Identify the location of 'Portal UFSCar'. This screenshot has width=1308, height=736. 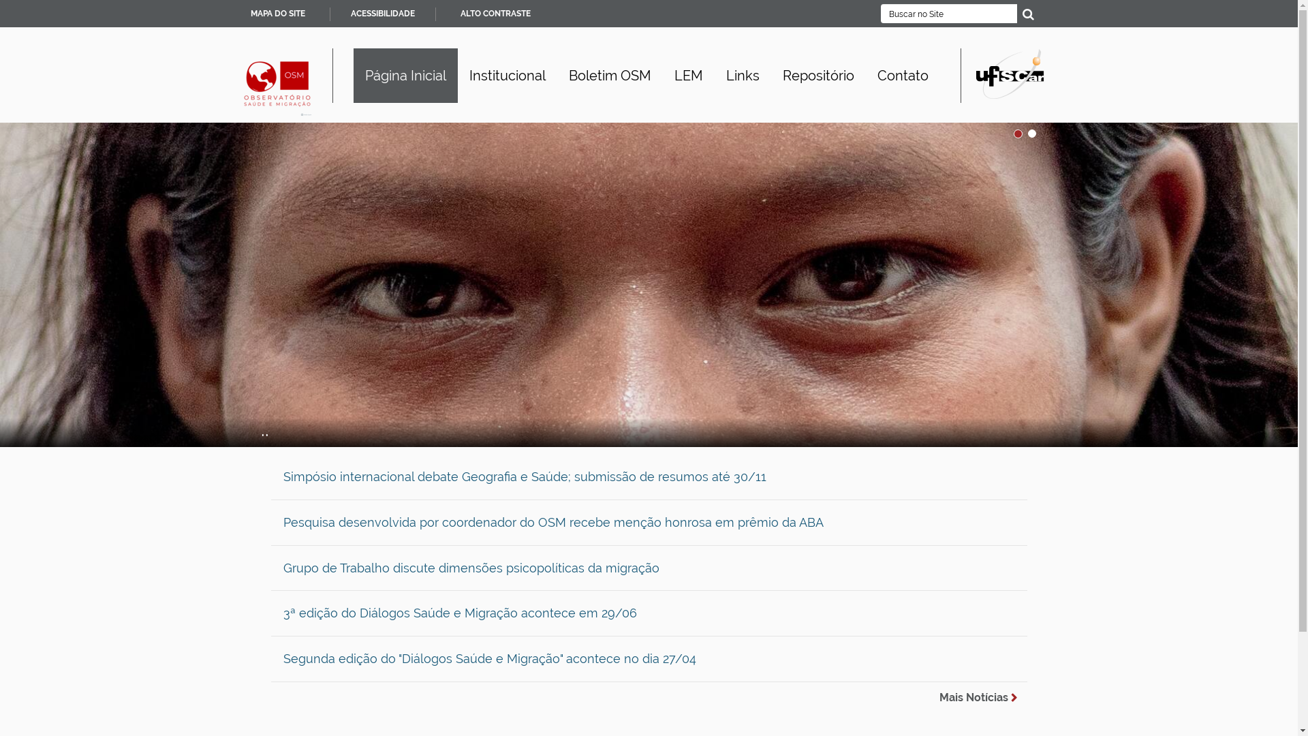
(974, 73).